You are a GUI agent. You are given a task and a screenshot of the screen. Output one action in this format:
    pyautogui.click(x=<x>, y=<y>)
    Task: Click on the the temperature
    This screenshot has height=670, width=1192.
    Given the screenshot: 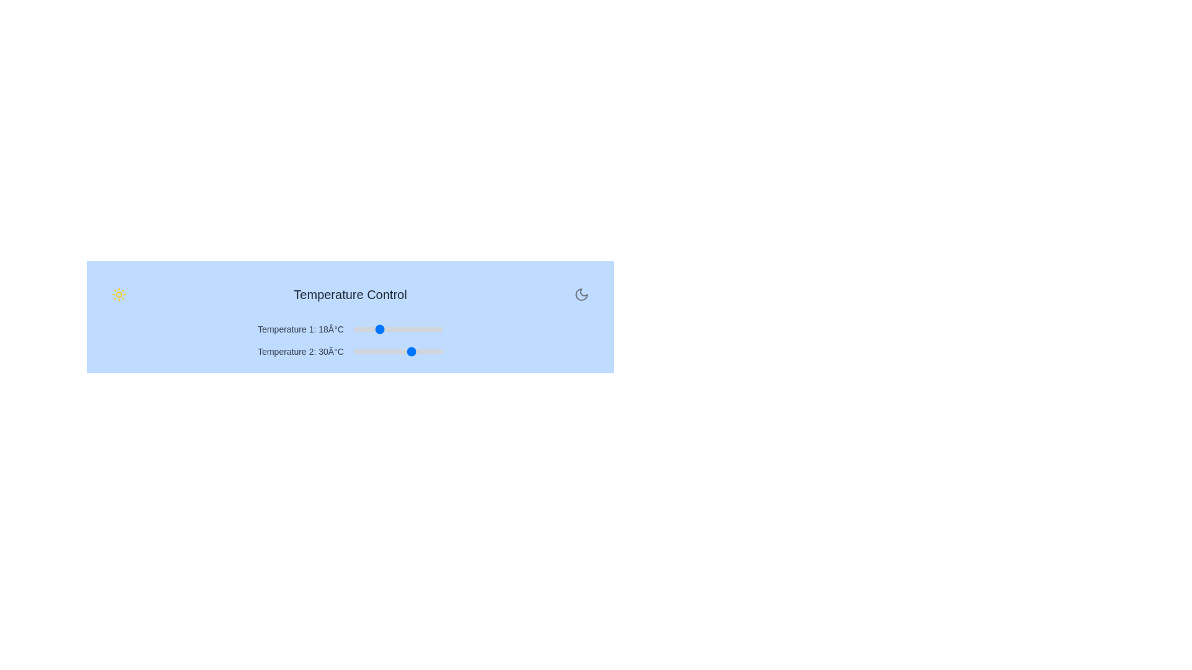 What is the action you would take?
    pyautogui.click(x=404, y=329)
    